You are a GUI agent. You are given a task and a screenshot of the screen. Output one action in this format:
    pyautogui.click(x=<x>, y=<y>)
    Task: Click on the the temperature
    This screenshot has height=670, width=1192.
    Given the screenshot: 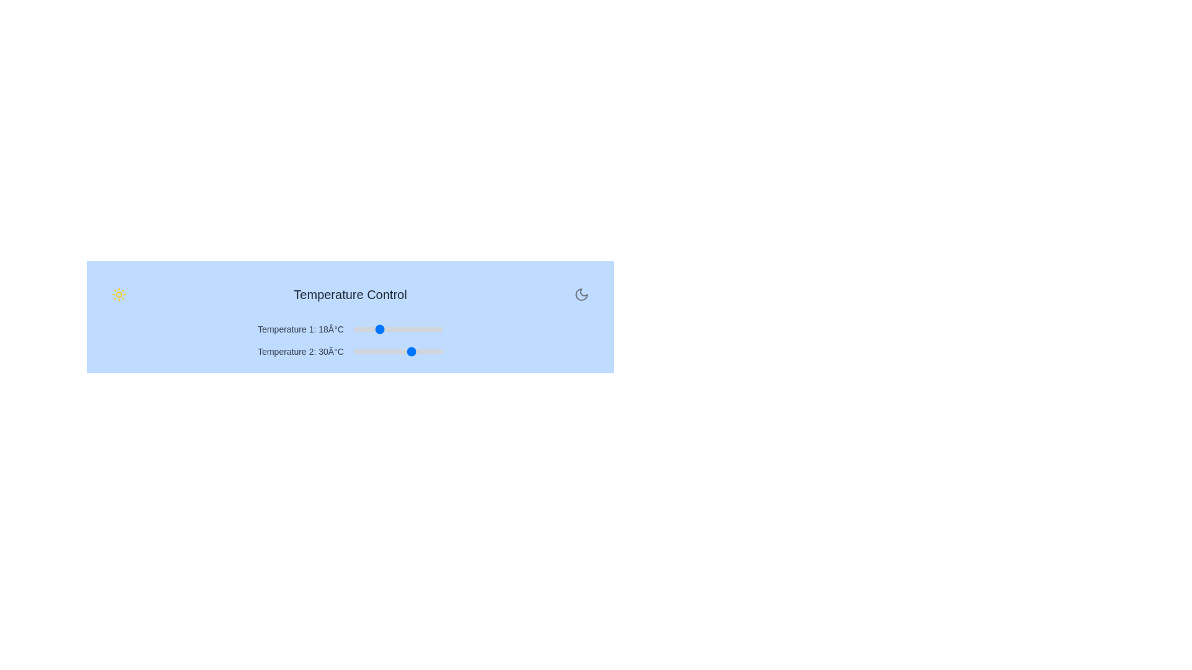 What is the action you would take?
    pyautogui.click(x=404, y=329)
    